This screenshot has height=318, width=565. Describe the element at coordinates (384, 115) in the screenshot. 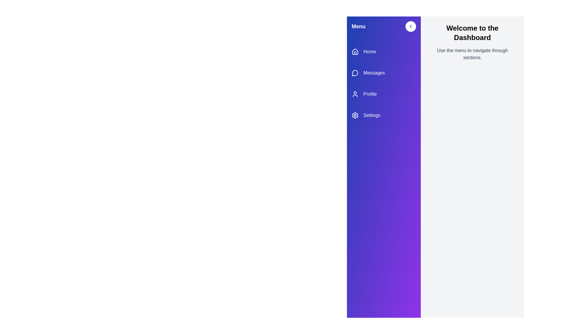

I see `the menu item Settings to navigate` at that location.